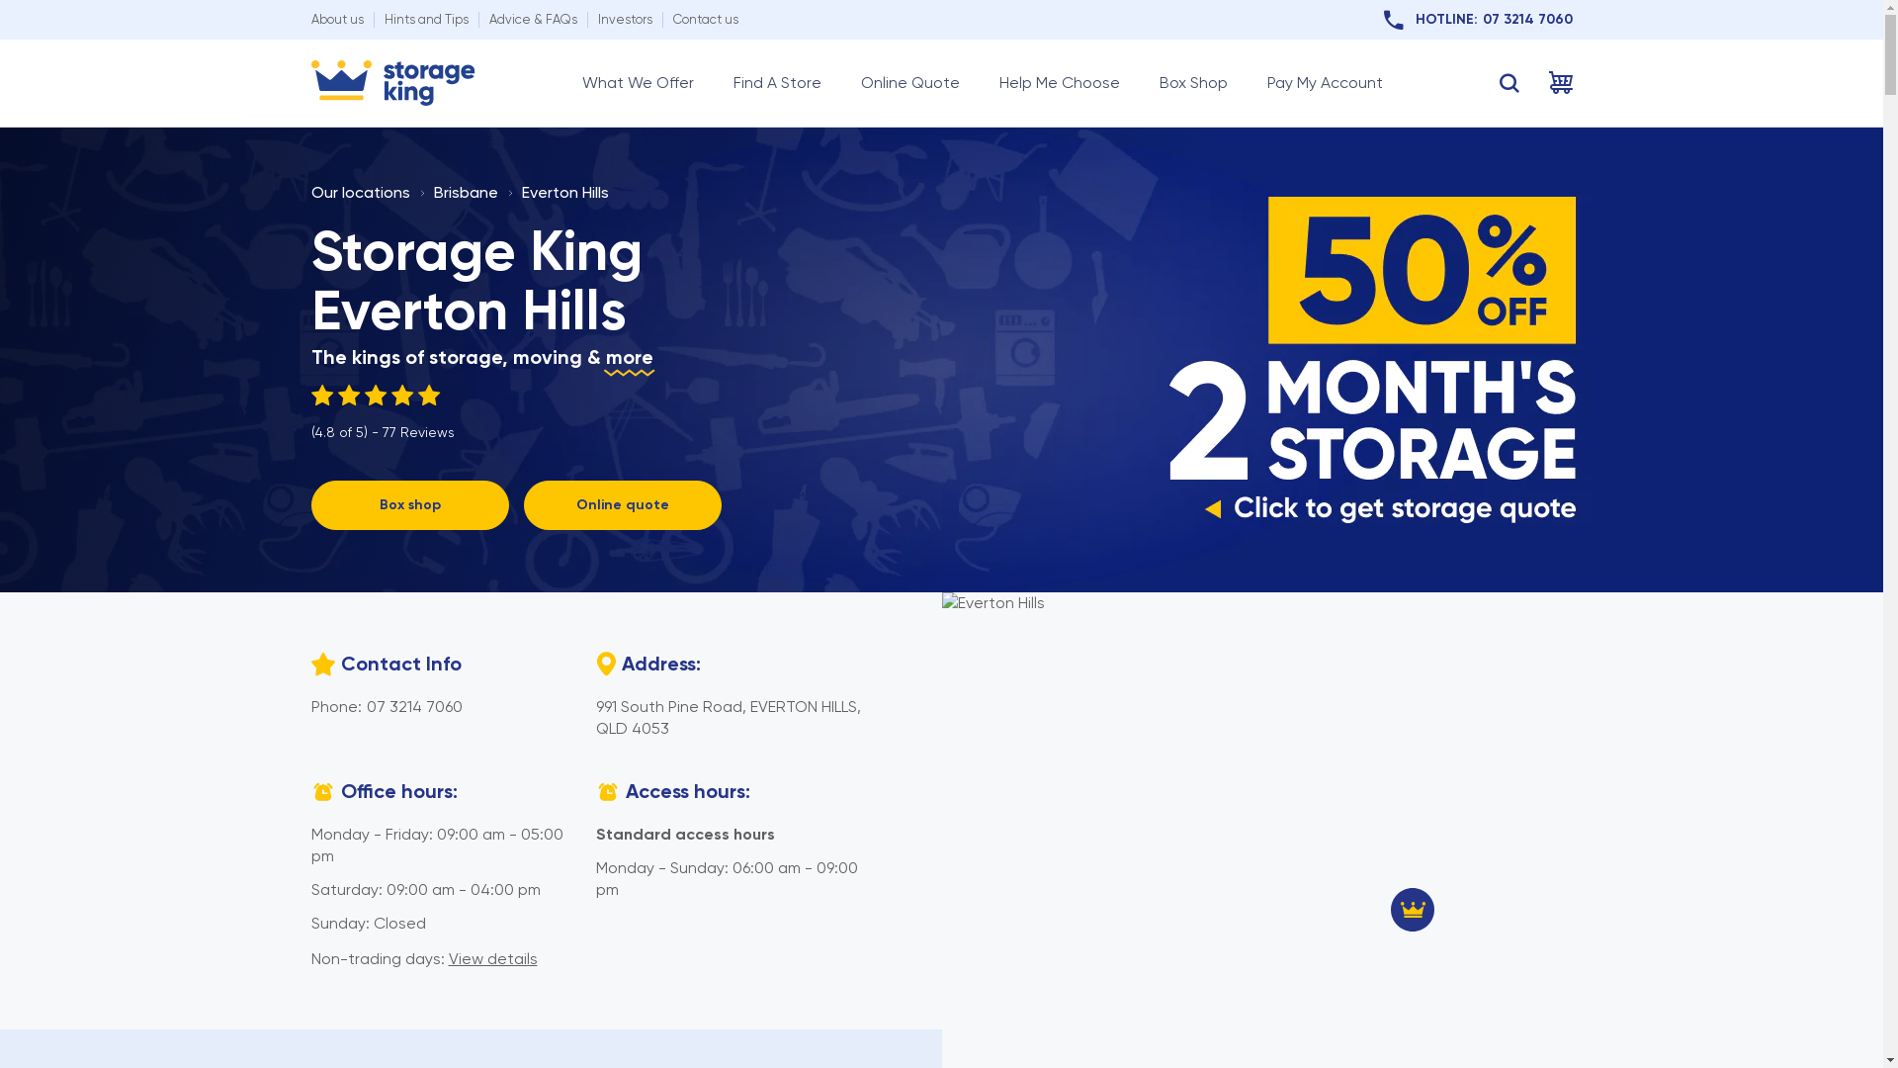 This screenshot has height=1068, width=1898. I want to click on 'View details', so click(448, 957).